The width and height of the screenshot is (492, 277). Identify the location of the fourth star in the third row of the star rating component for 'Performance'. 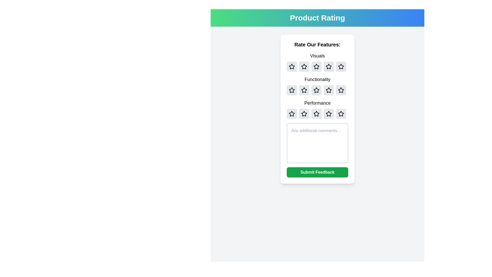
(329, 113).